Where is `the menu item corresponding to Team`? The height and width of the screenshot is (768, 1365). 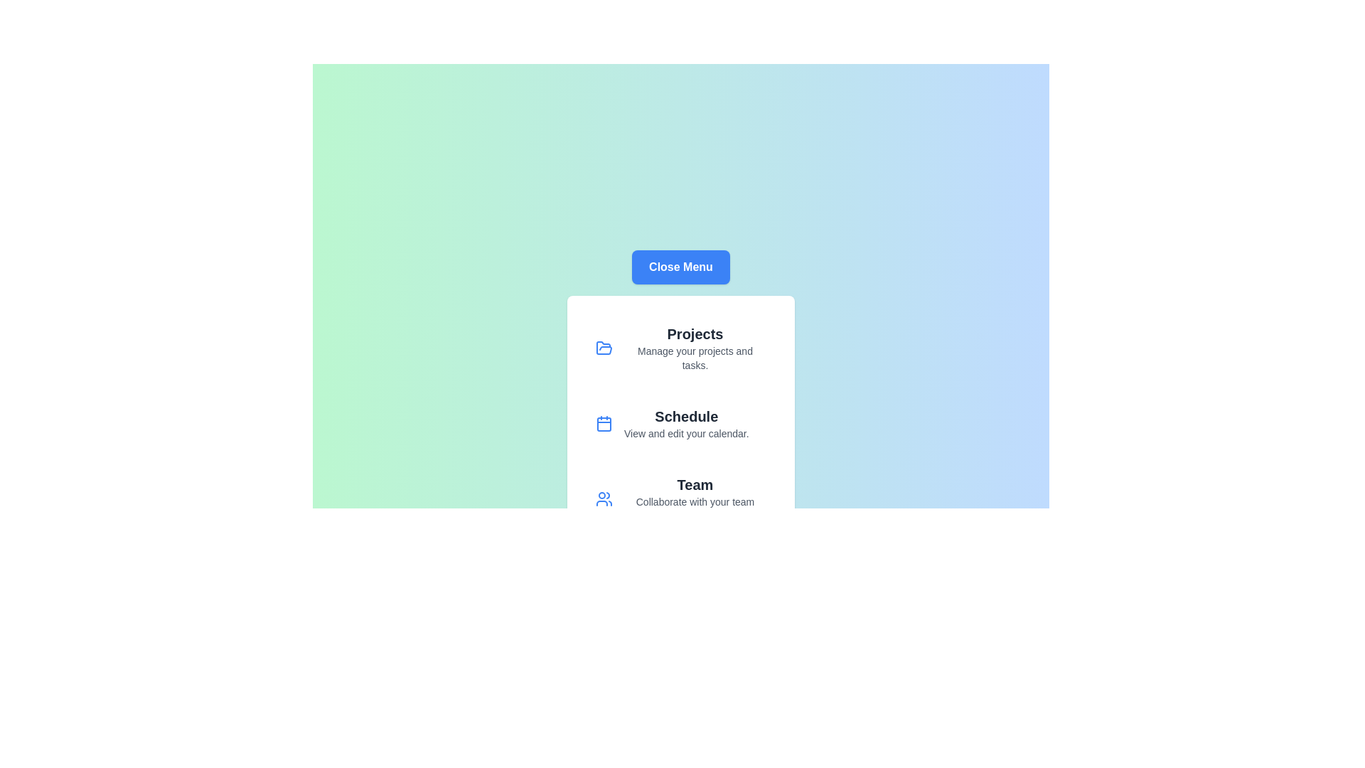
the menu item corresponding to Team is located at coordinates (680, 498).